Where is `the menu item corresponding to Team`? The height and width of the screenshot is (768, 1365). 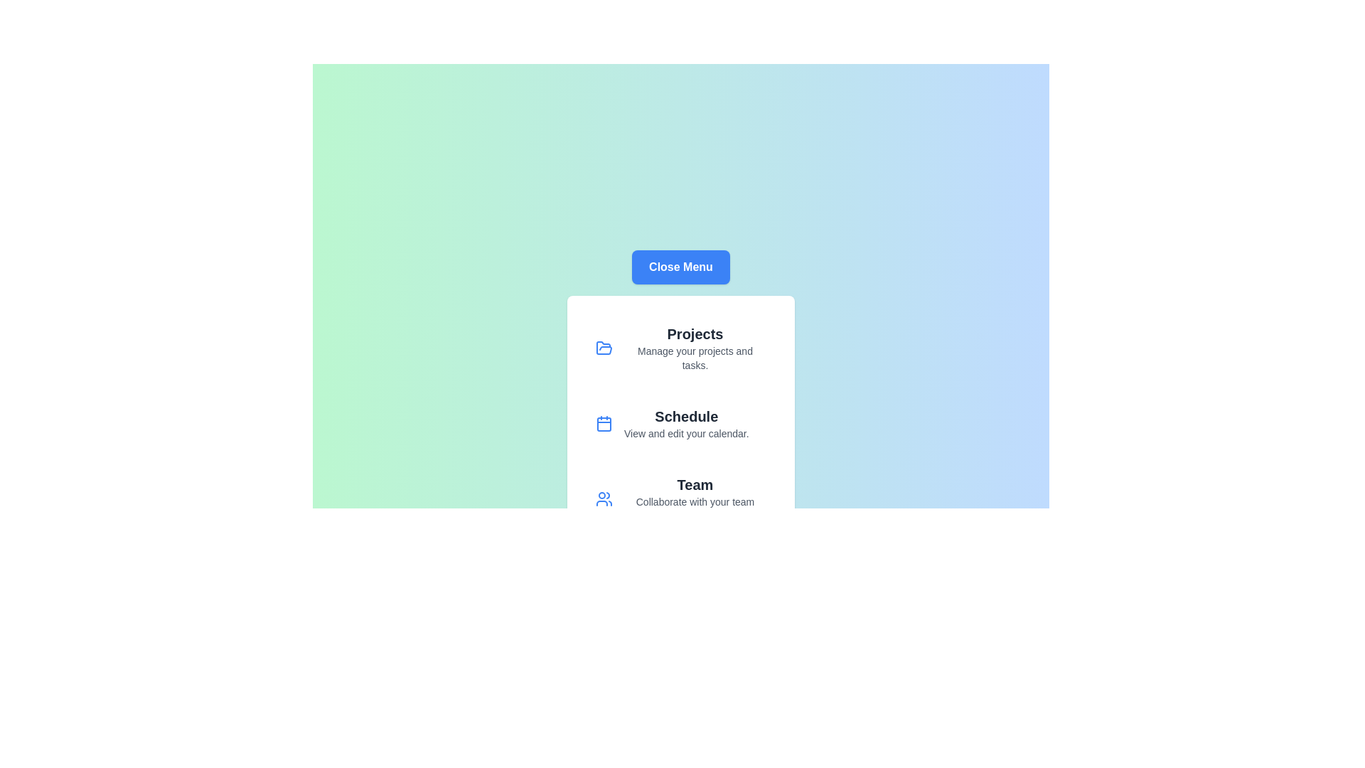
the menu item corresponding to Team is located at coordinates (680, 498).